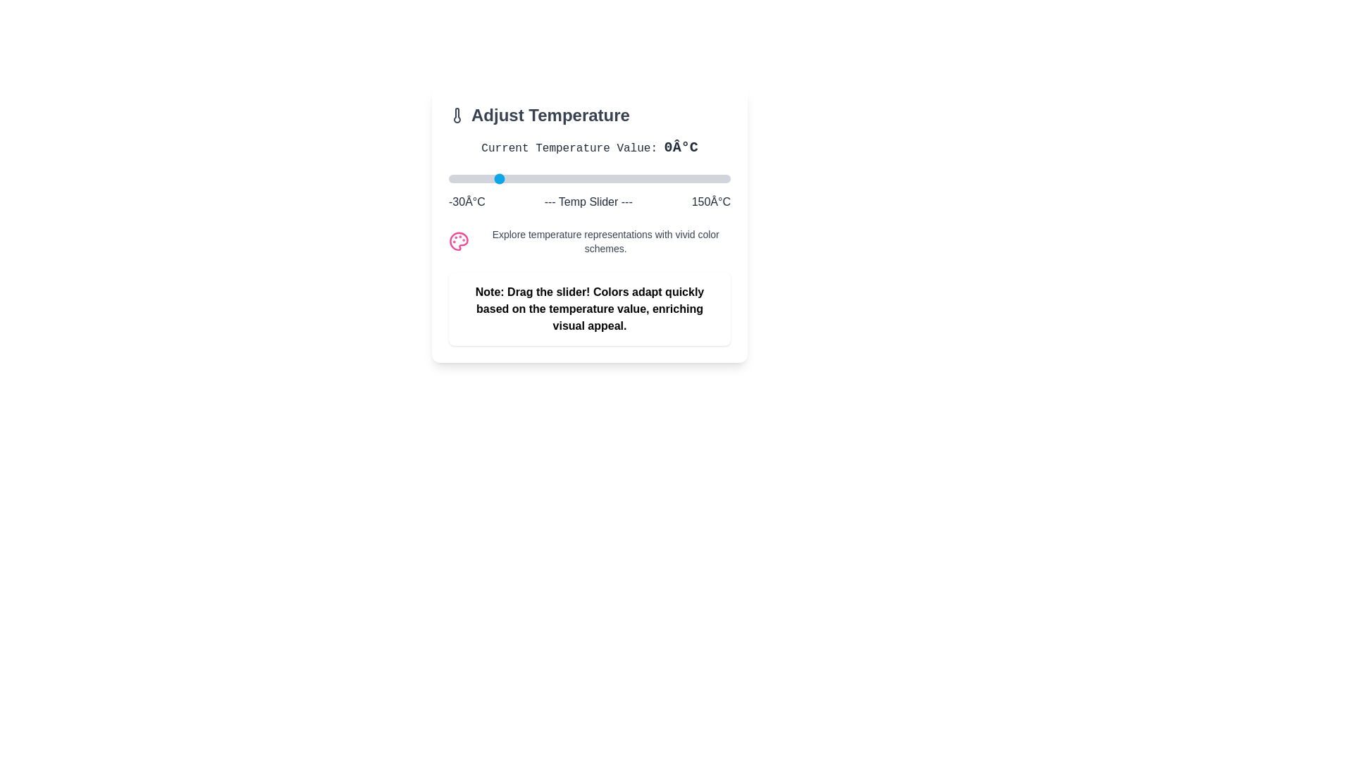 This screenshot has width=1353, height=761. What do you see at coordinates (653, 178) in the screenshot?
I see `the temperature slider to set the temperature to 101°C` at bounding box center [653, 178].